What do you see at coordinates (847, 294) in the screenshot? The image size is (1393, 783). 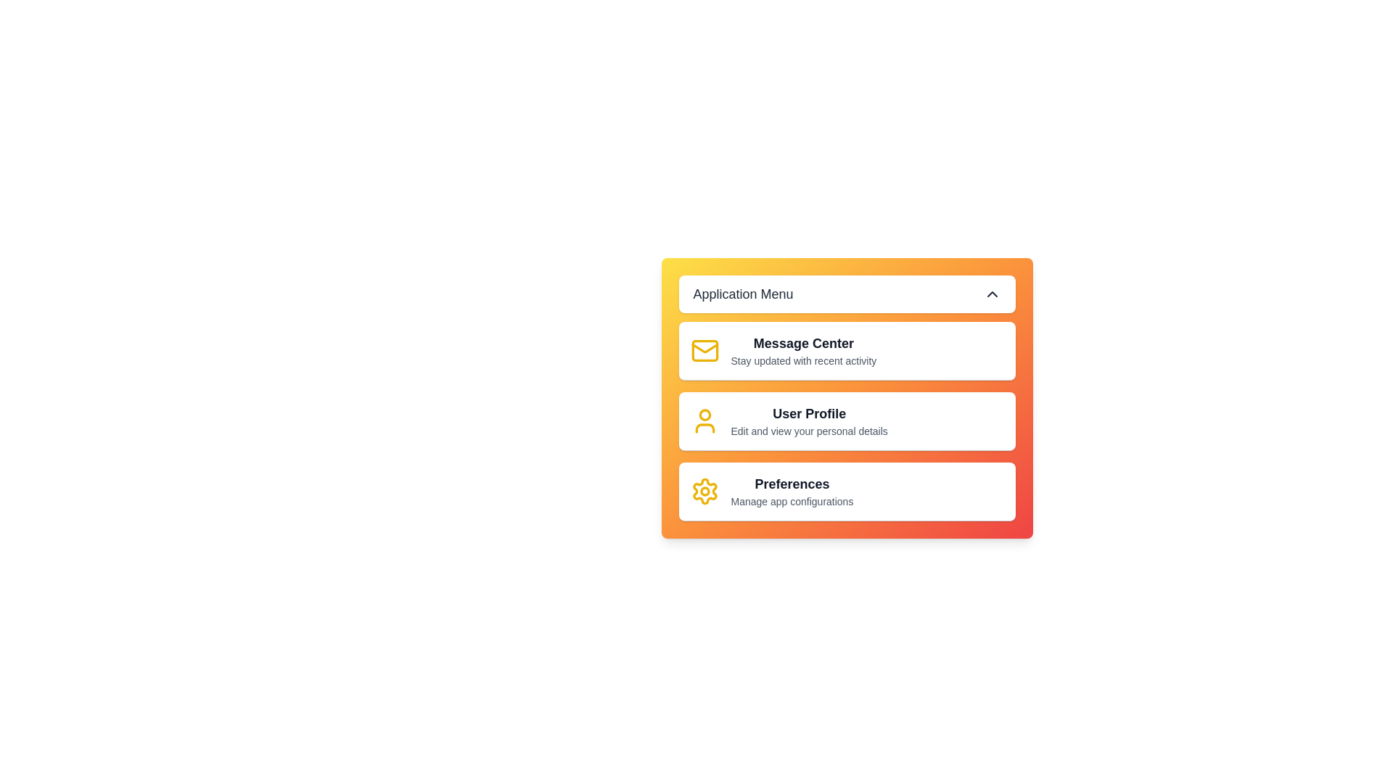 I see `the header button to toggle the menu visibility` at bounding box center [847, 294].